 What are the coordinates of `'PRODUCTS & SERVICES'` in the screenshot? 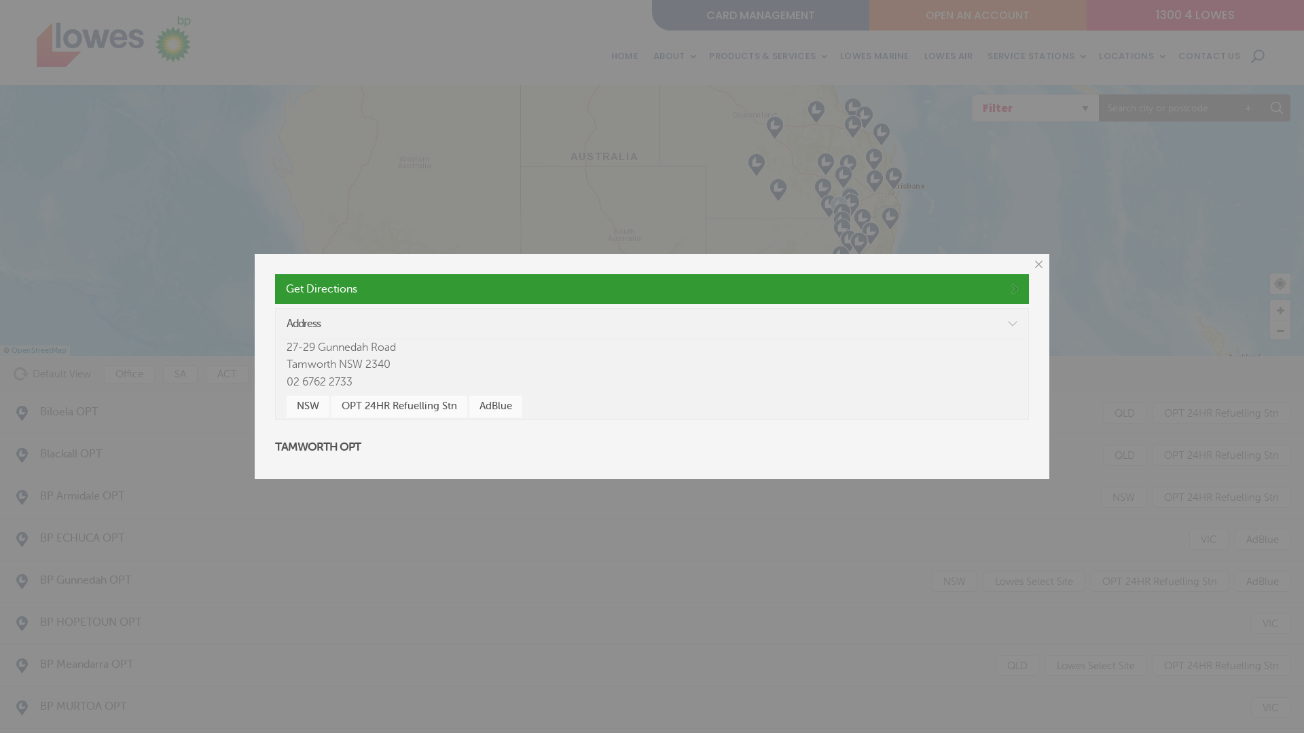 It's located at (767, 56).